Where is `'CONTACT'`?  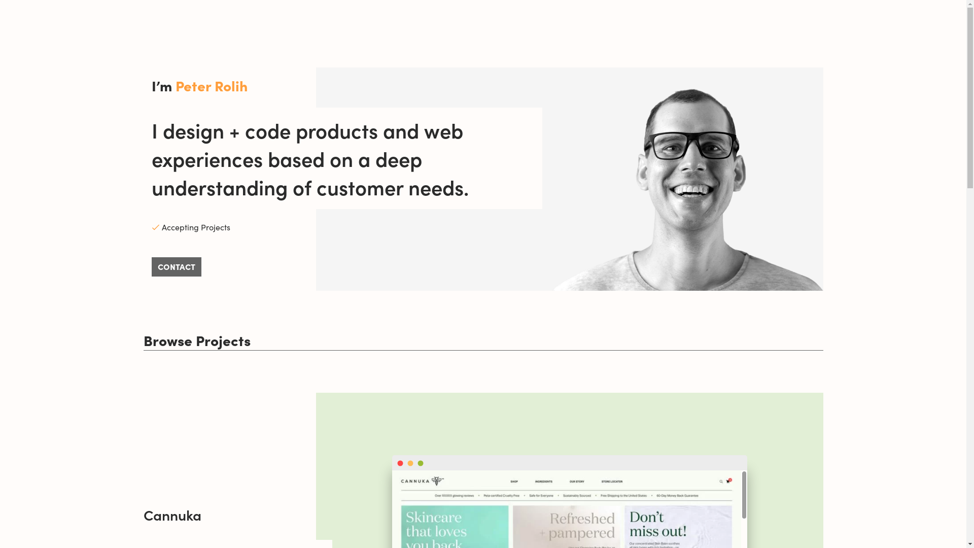 'CONTACT' is located at coordinates (176, 266).